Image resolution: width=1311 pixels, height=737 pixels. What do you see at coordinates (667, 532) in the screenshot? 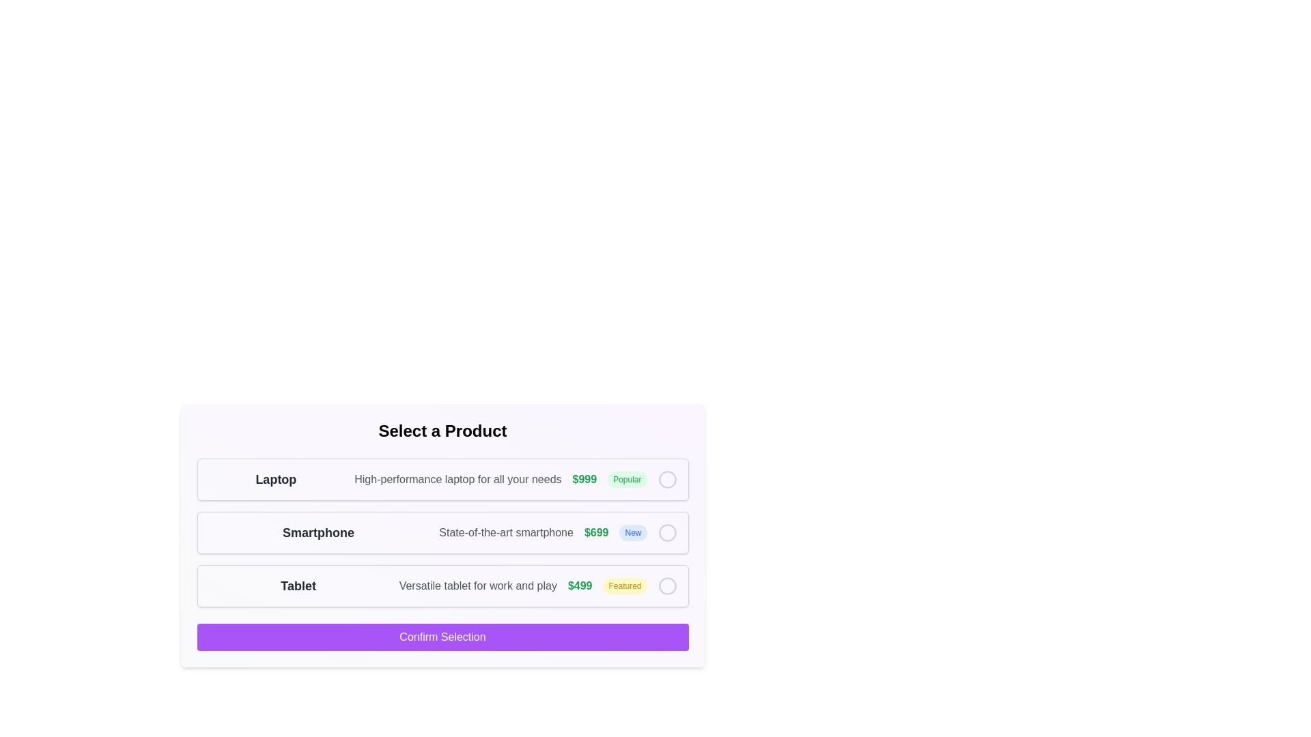
I see `the circular radio button indicator for the 'Smartphone' option` at bounding box center [667, 532].